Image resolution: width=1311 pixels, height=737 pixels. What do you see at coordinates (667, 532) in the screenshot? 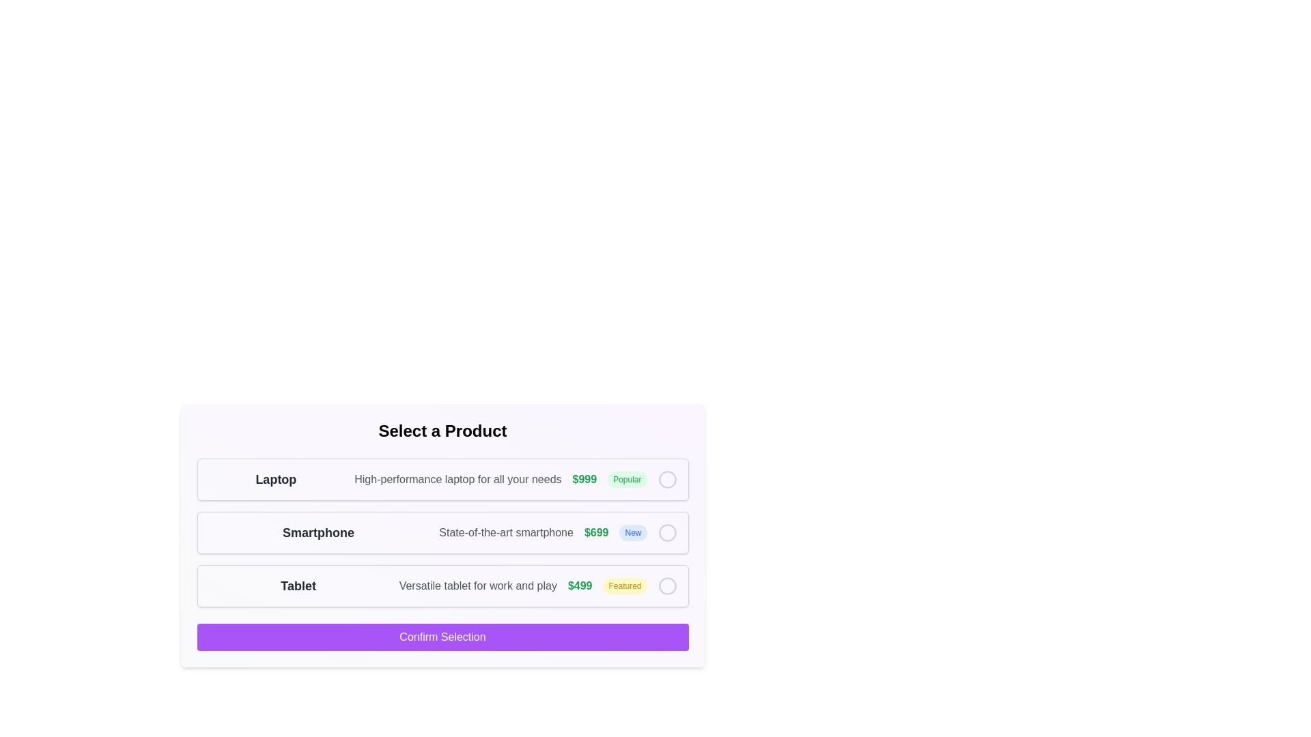
I see `the circular radio button indicator for the 'Smartphone' option` at bounding box center [667, 532].